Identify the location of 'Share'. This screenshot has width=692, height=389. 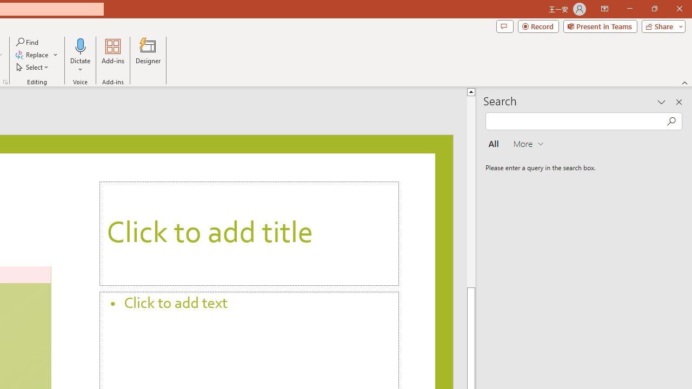
(661, 25).